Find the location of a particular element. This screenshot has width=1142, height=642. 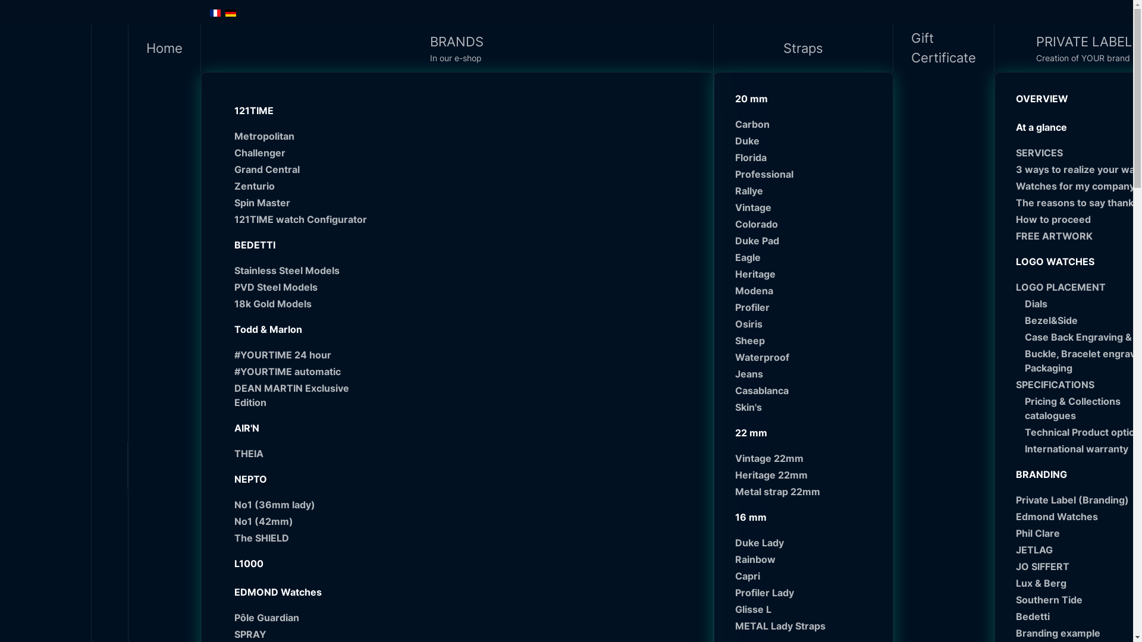

'Carbon' is located at coordinates (808, 124).